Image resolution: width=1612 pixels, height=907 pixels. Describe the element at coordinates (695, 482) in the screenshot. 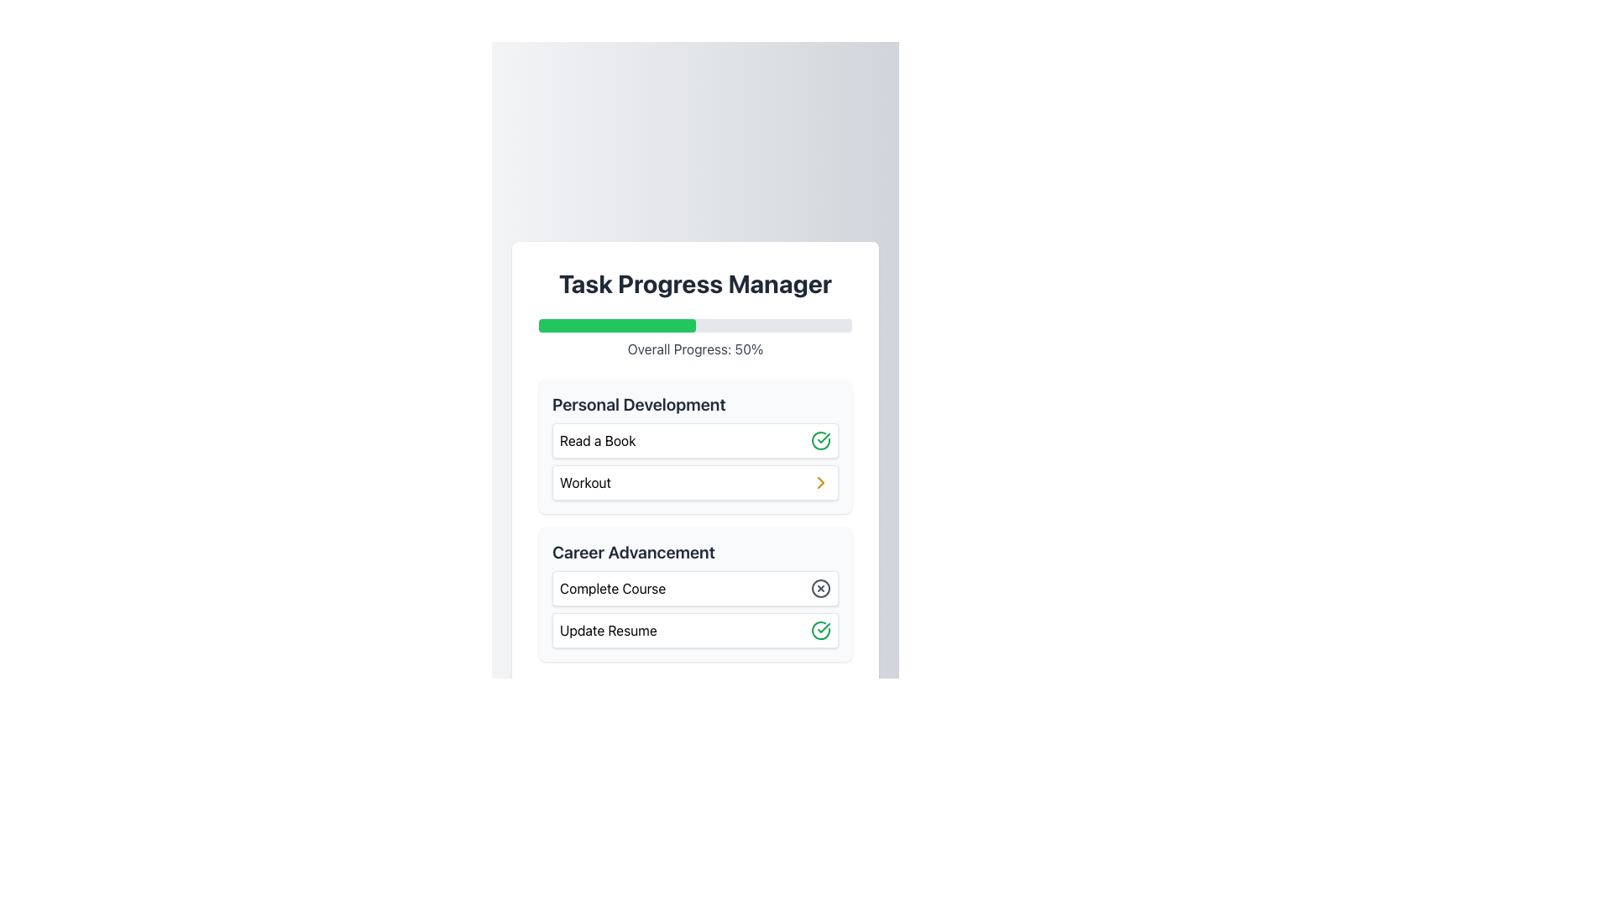

I see `the interactive list item labeled 'Workout' with a white background and yellow arrow icon` at that location.